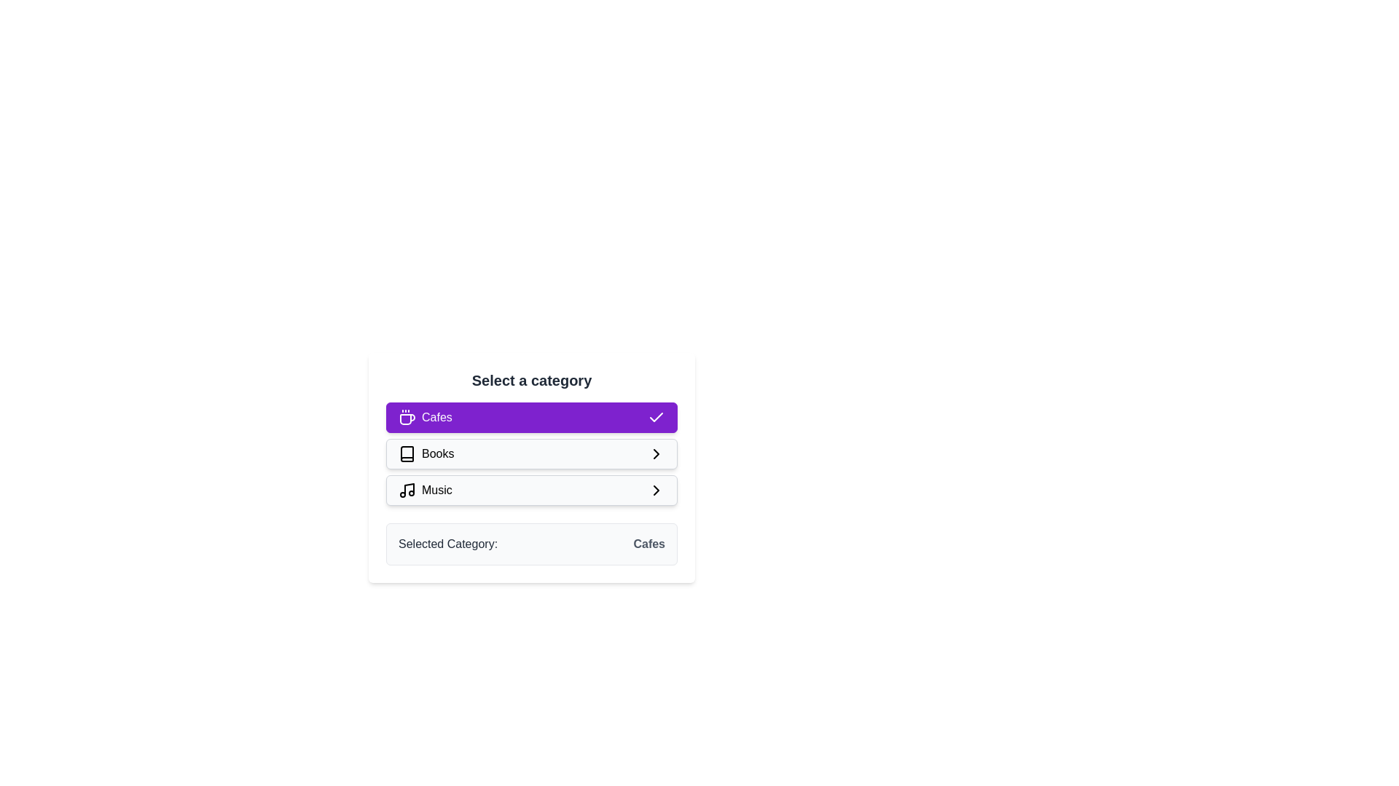 The image size is (1399, 786). Describe the element at coordinates (426, 453) in the screenshot. I see `the second item in the selection menu labeled 'Books', which is positioned between 'Cafes' and 'Music'` at that location.